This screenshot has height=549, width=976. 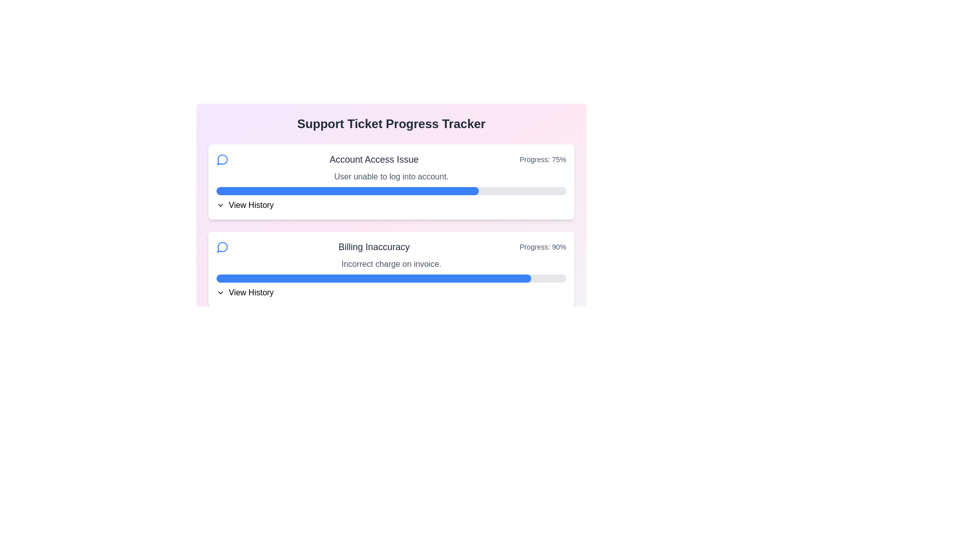 What do you see at coordinates (390, 176) in the screenshot?
I see `the second text label in the 'Account Access Issue' section` at bounding box center [390, 176].